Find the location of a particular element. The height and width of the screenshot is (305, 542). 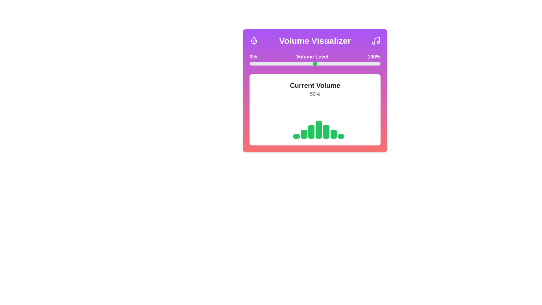

the volume slider to set the volume to 78% is located at coordinates (351, 64).